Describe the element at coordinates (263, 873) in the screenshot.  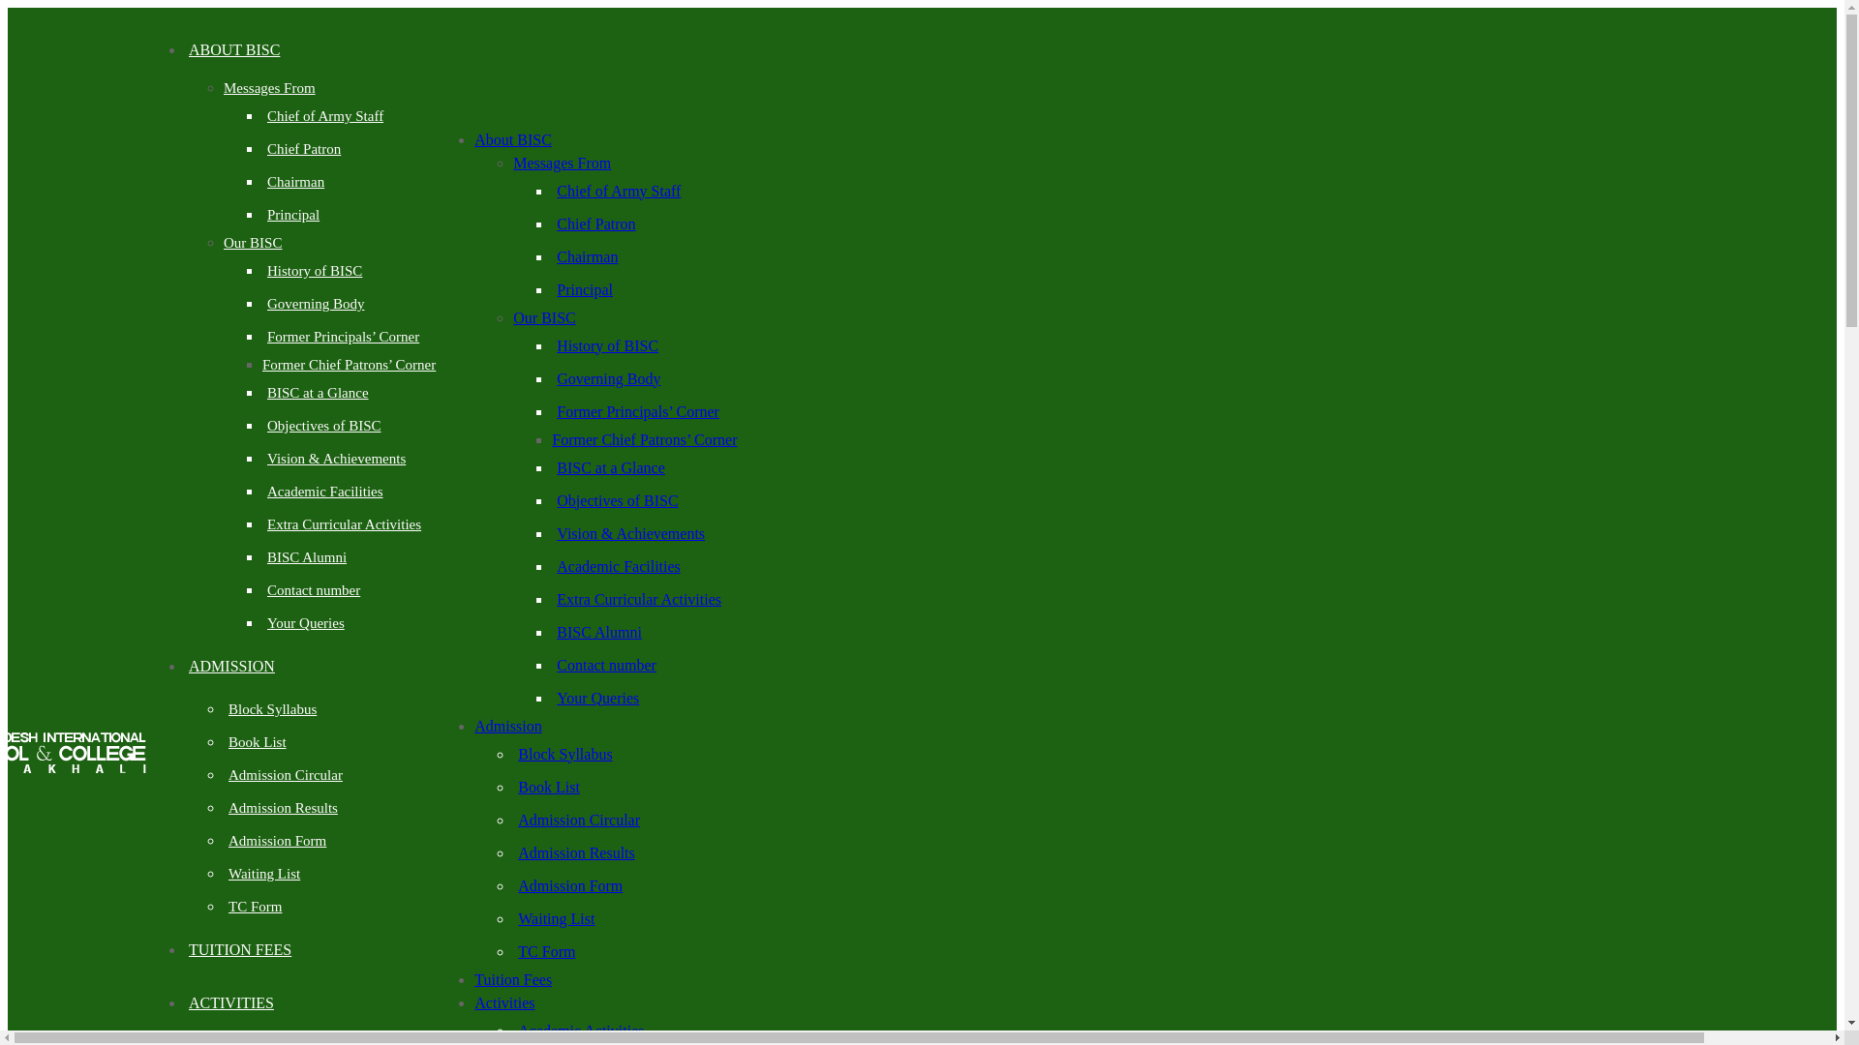
I see `'Waiting List'` at that location.